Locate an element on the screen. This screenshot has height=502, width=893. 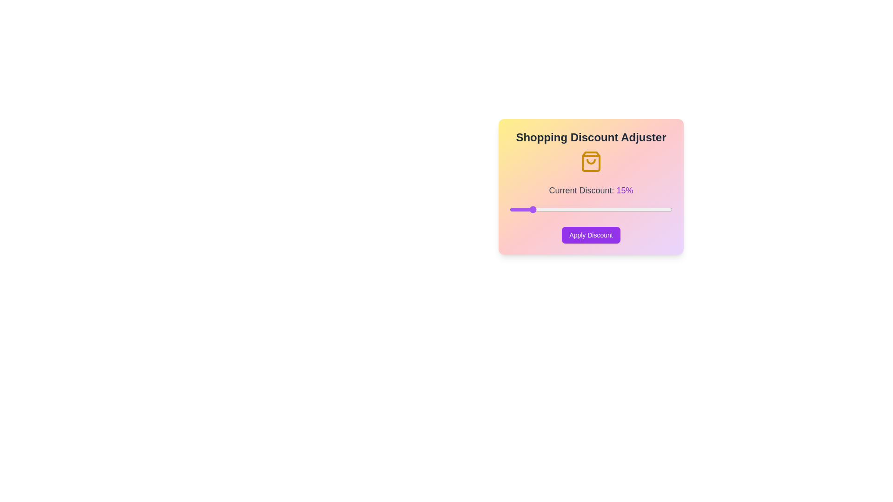
the discount slider to set the discount percentage to 19 is located at coordinates (546, 210).